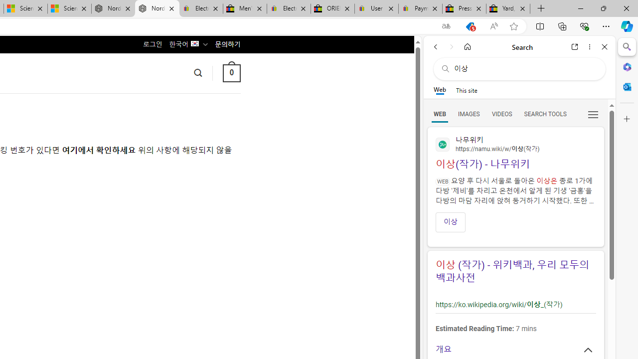 This screenshot has height=359, width=638. I want to click on '  0  ', so click(231, 72).